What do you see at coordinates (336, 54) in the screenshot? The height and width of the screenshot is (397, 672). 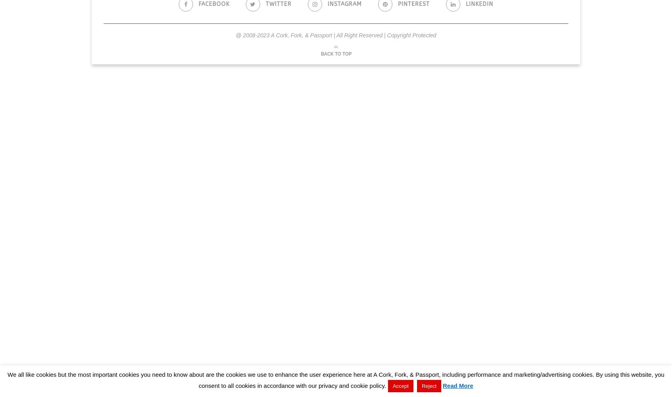 I see `'Back To Top'` at bounding box center [336, 54].